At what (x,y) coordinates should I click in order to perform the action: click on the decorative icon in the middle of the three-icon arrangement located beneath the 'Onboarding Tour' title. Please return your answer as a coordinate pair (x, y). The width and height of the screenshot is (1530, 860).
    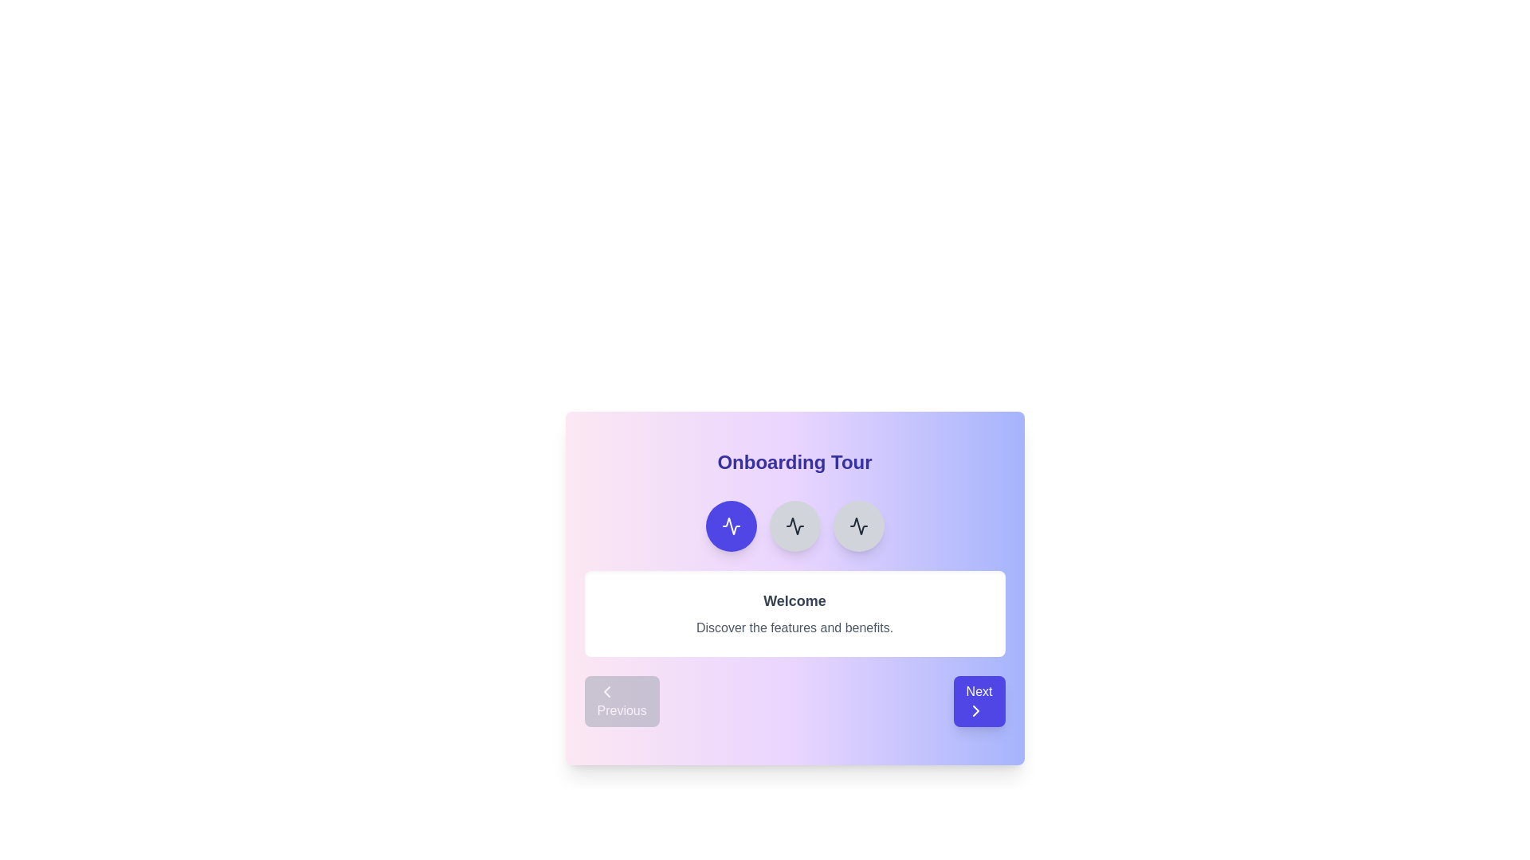
    Looking at the image, I should click on (794, 526).